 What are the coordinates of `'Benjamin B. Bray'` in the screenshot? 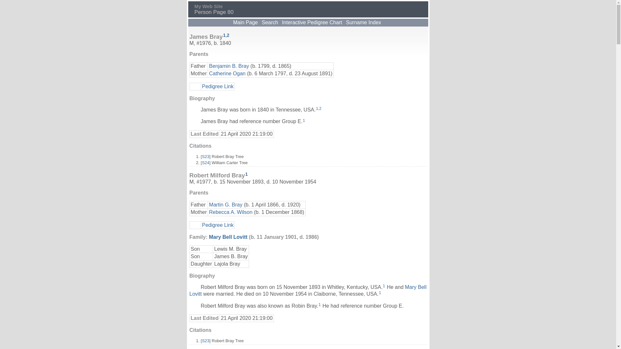 It's located at (229, 66).